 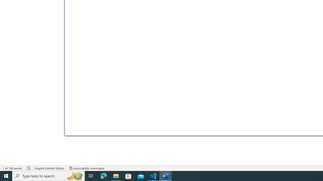 What do you see at coordinates (6, 175) in the screenshot?
I see `'Start'` at bounding box center [6, 175].